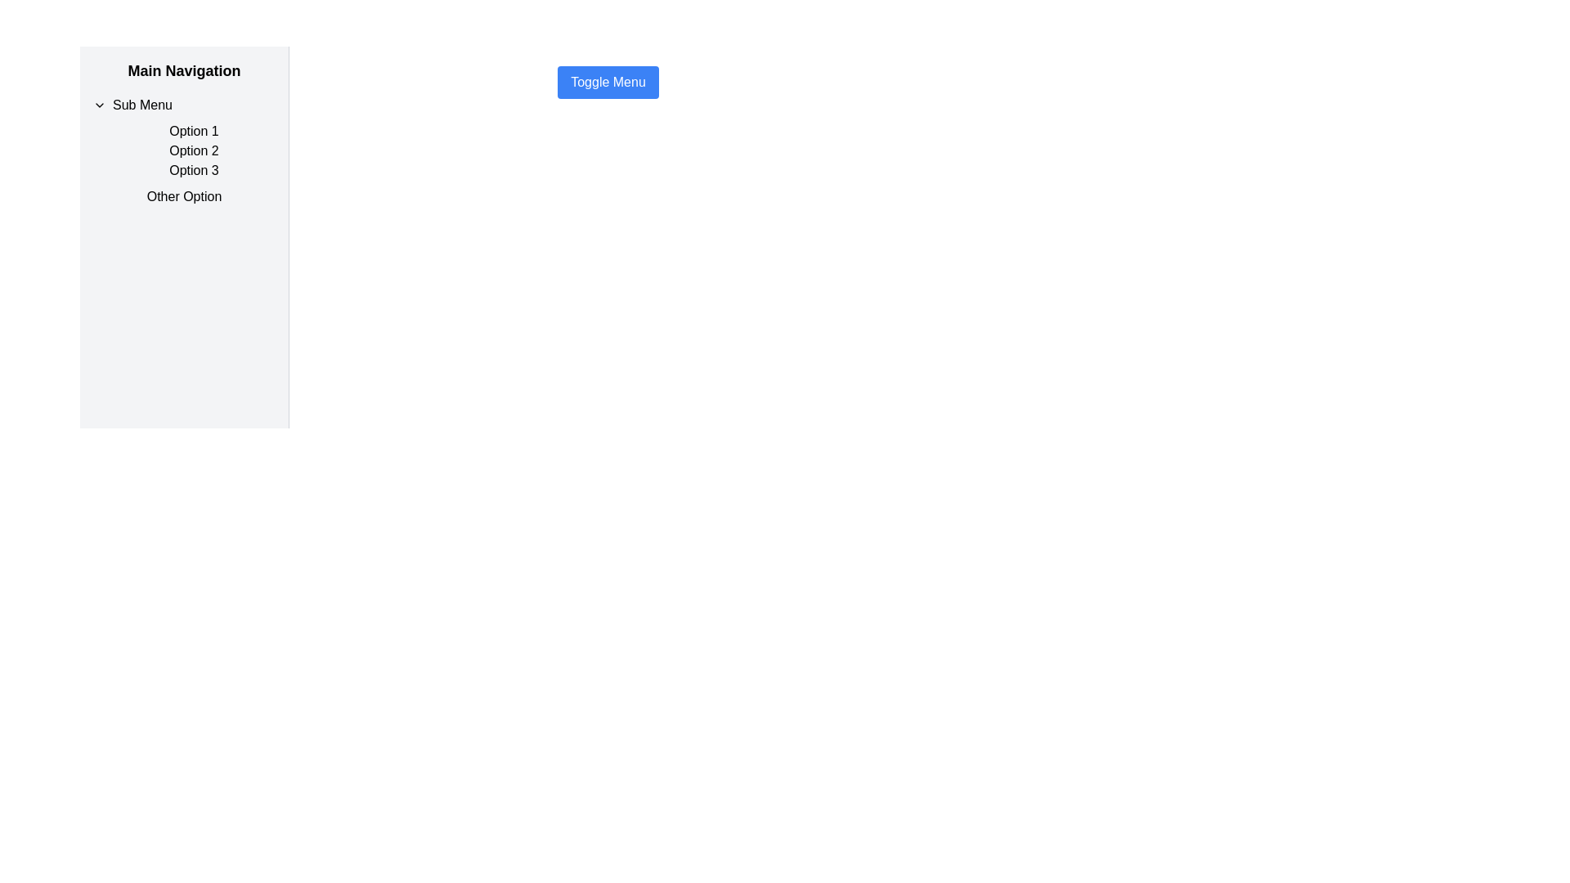  I want to click on the 'Option 2' menu item located in the left-side navigation panel, which is the second item in the list under the 'Sub Menu' title, so click(184, 151).